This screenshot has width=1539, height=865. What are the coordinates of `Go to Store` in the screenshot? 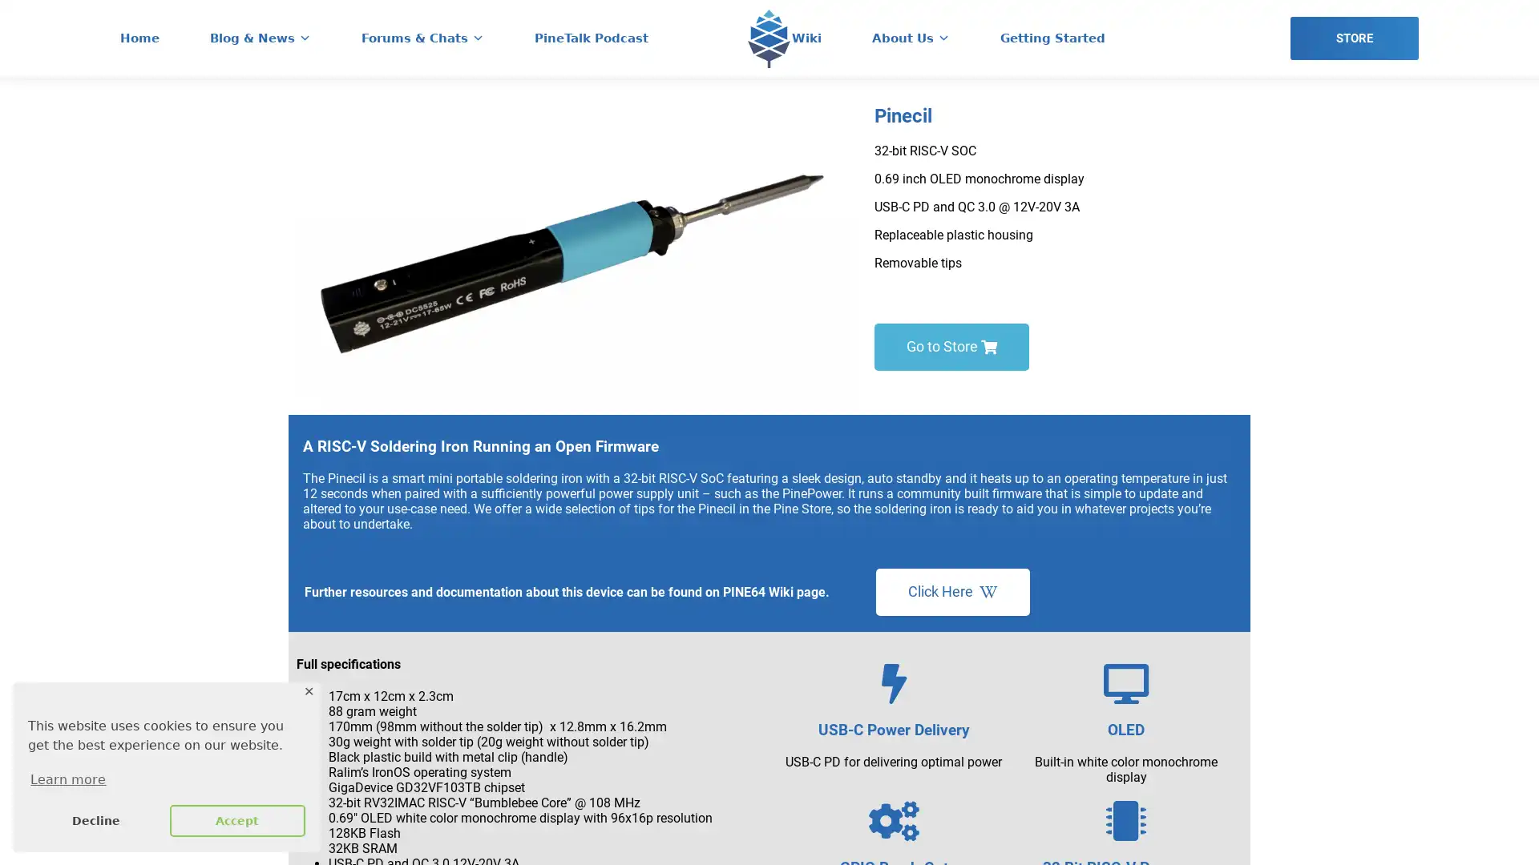 It's located at (951, 345).